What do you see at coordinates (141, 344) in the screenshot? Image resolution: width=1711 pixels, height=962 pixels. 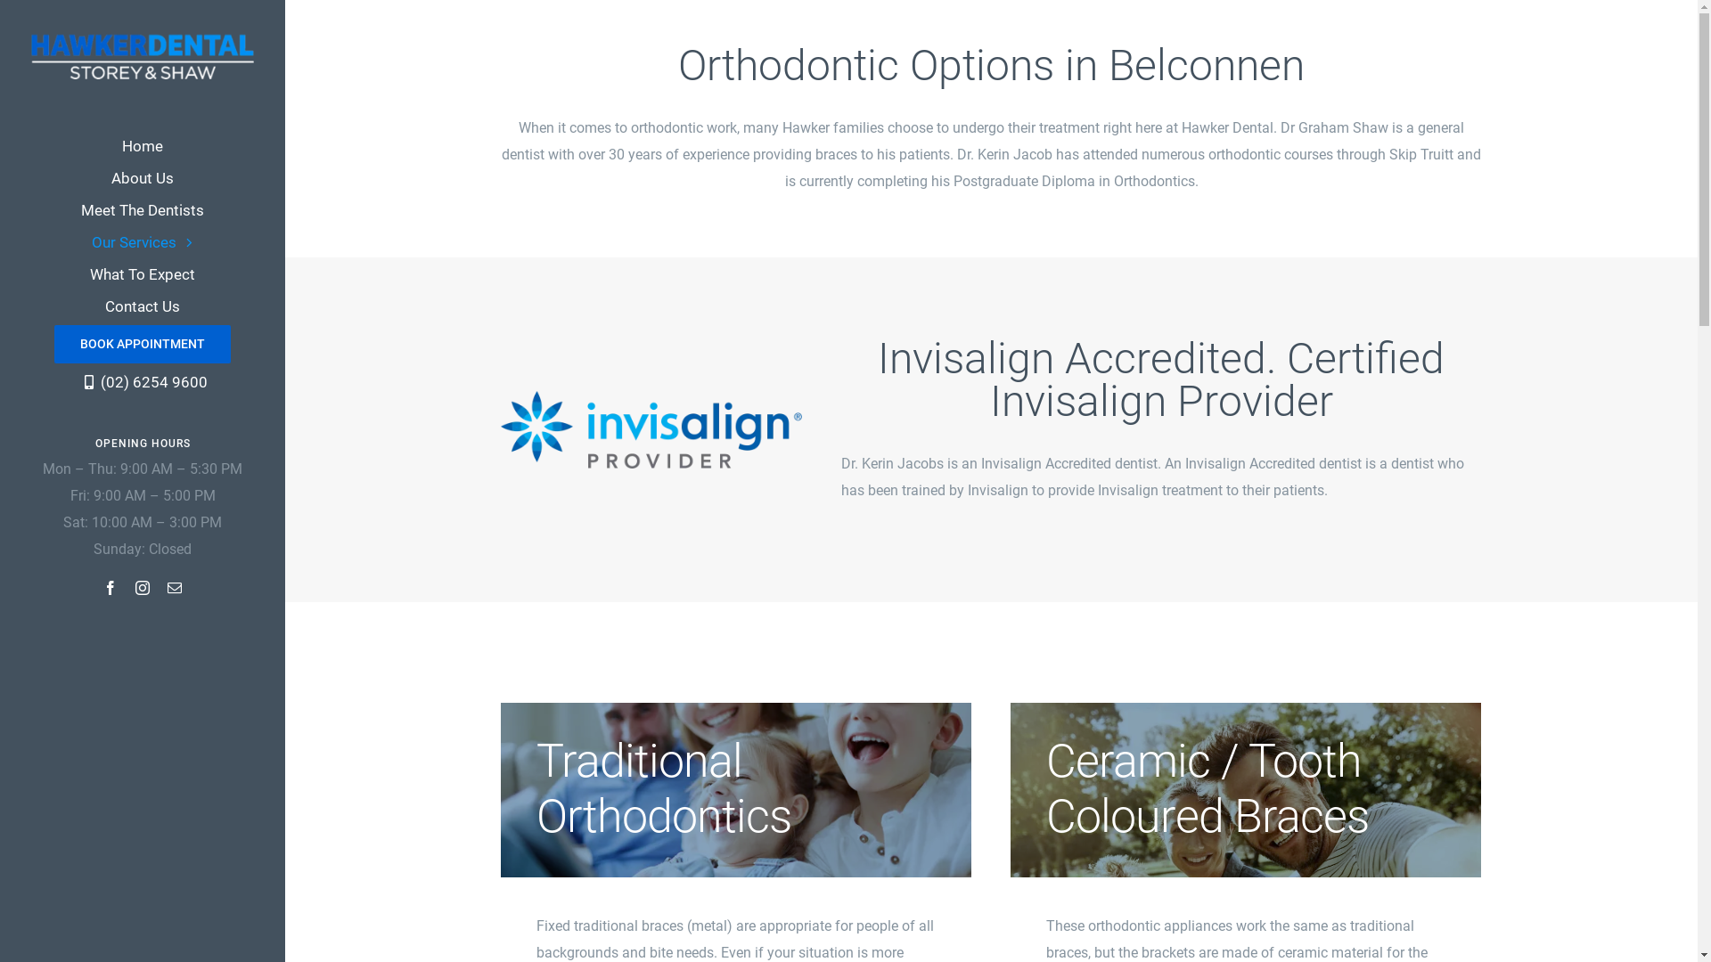 I see `'BOOK APPOINTMENT'` at bounding box center [141, 344].